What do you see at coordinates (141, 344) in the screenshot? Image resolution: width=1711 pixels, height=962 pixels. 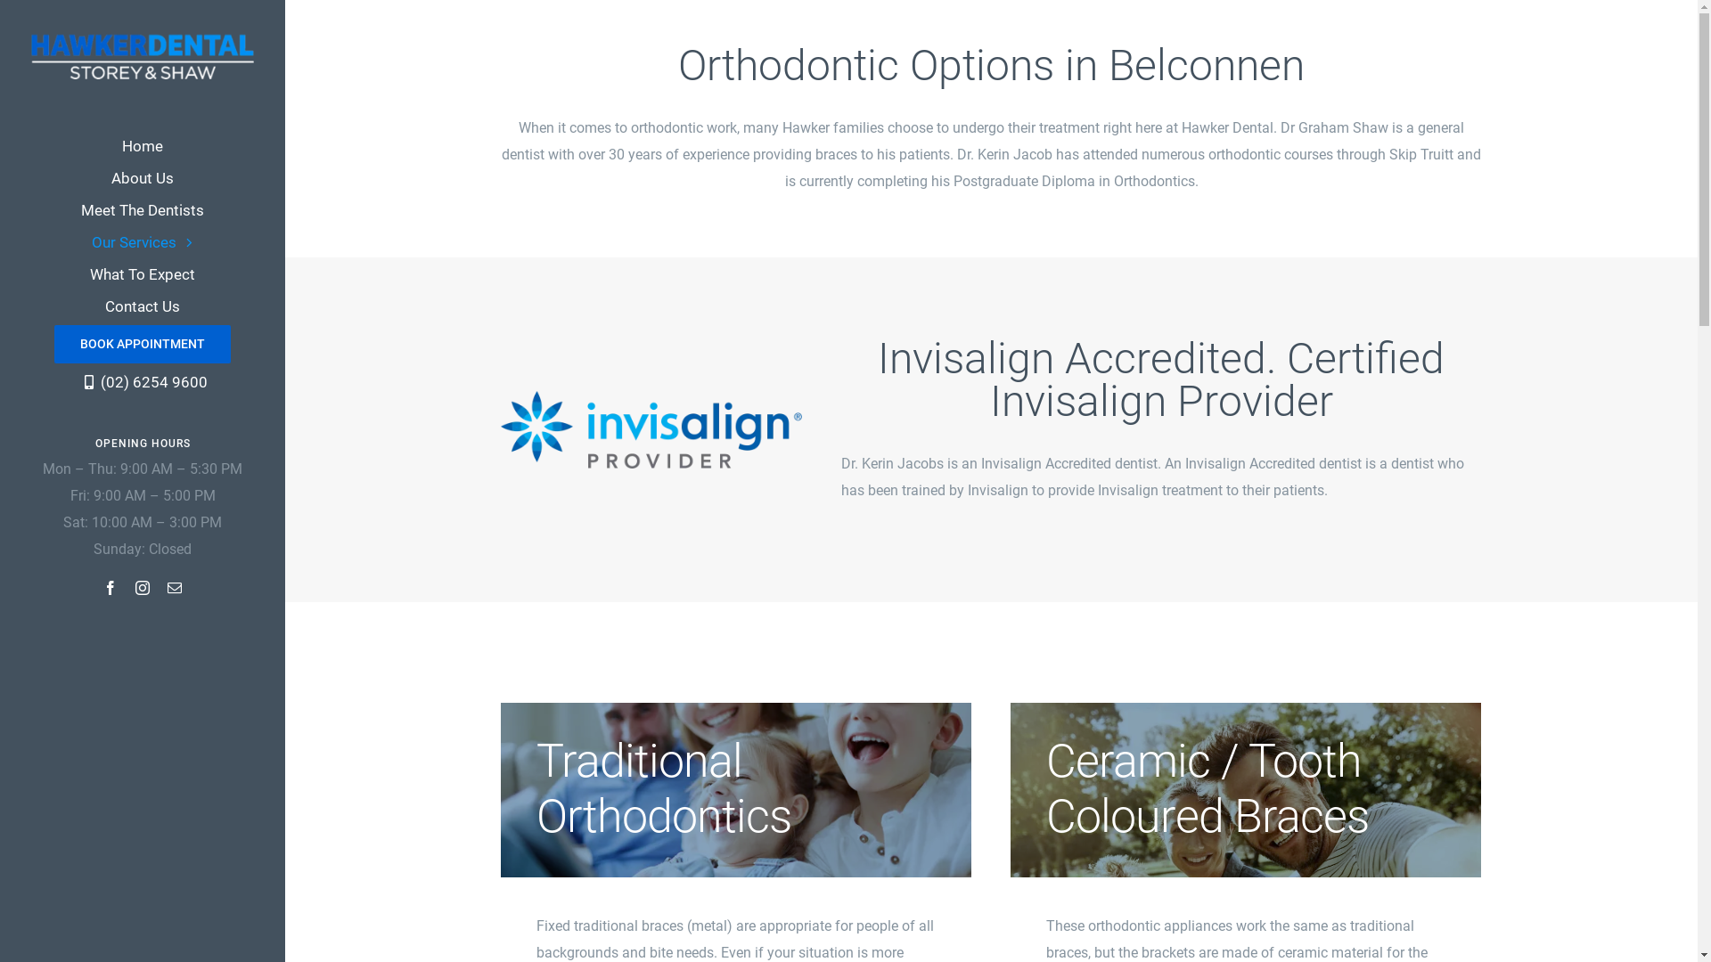 I see `'BOOK APPOINTMENT'` at bounding box center [141, 344].